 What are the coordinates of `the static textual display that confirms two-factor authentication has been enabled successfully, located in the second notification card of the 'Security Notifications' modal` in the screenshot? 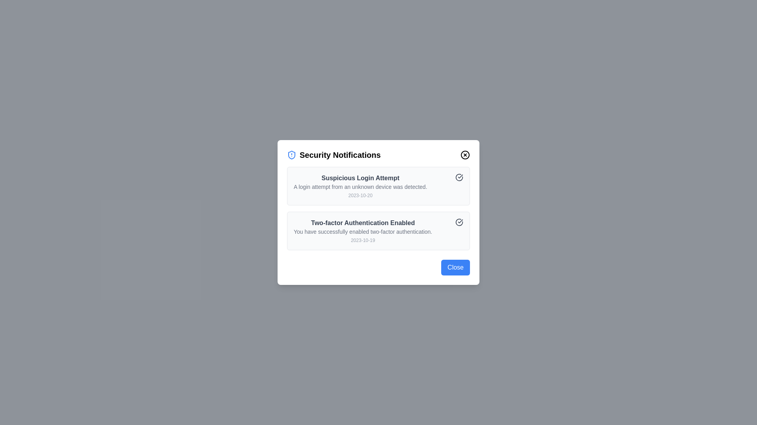 It's located at (362, 230).